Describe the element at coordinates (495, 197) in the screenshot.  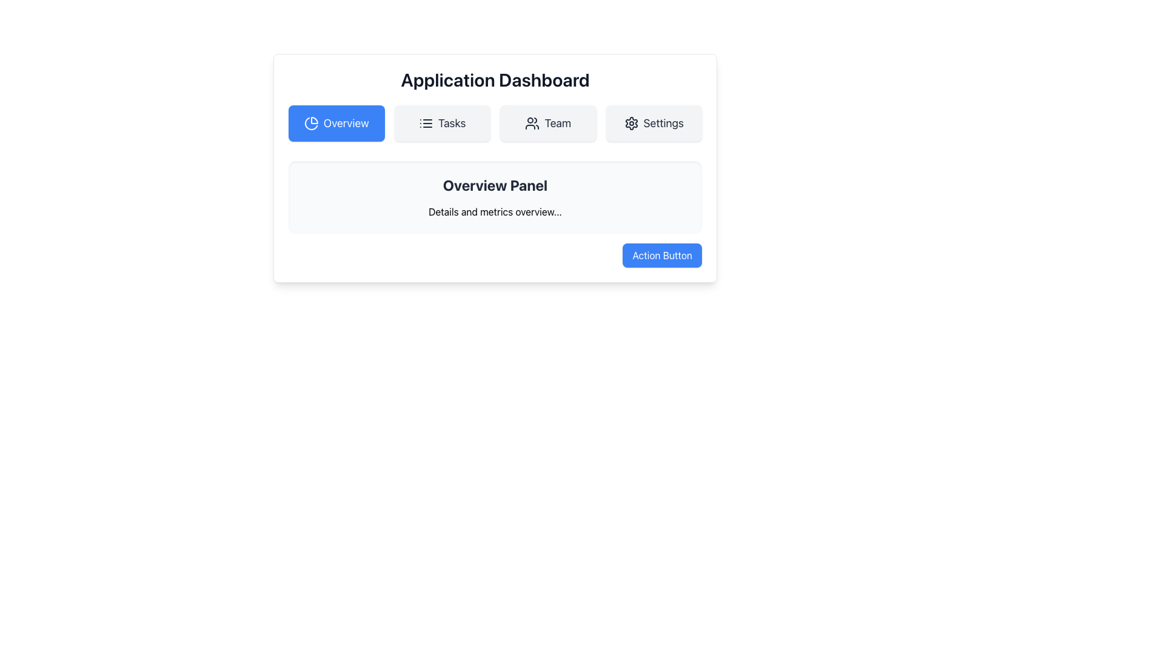
I see `information displayed in the 'Overview Panel' section, which has a light gray background and contains the title 'Overview Panel' and the text 'Details and metrics overview...'` at that location.